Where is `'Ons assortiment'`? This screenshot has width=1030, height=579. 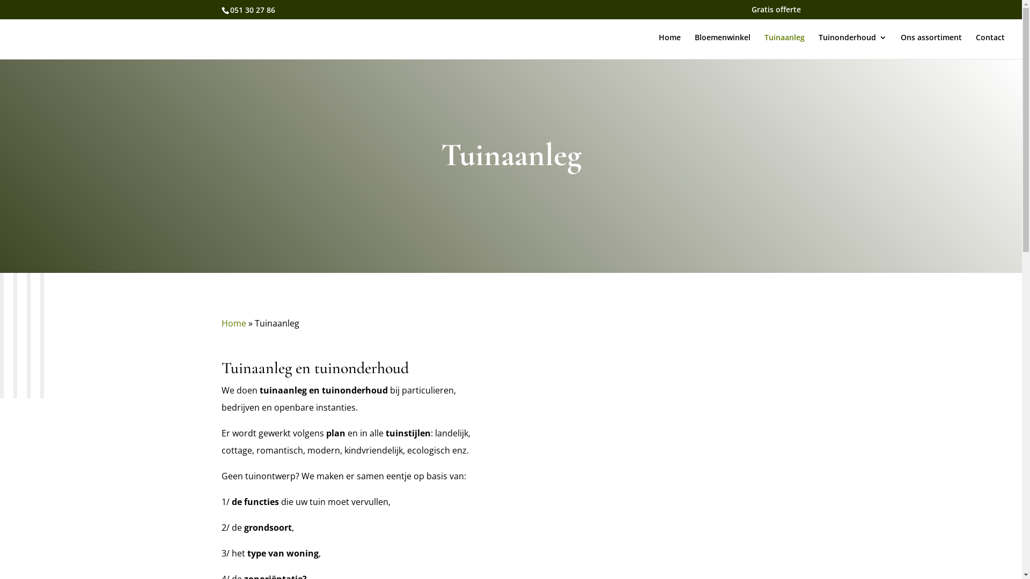
'Ons assortiment' is located at coordinates (931, 46).